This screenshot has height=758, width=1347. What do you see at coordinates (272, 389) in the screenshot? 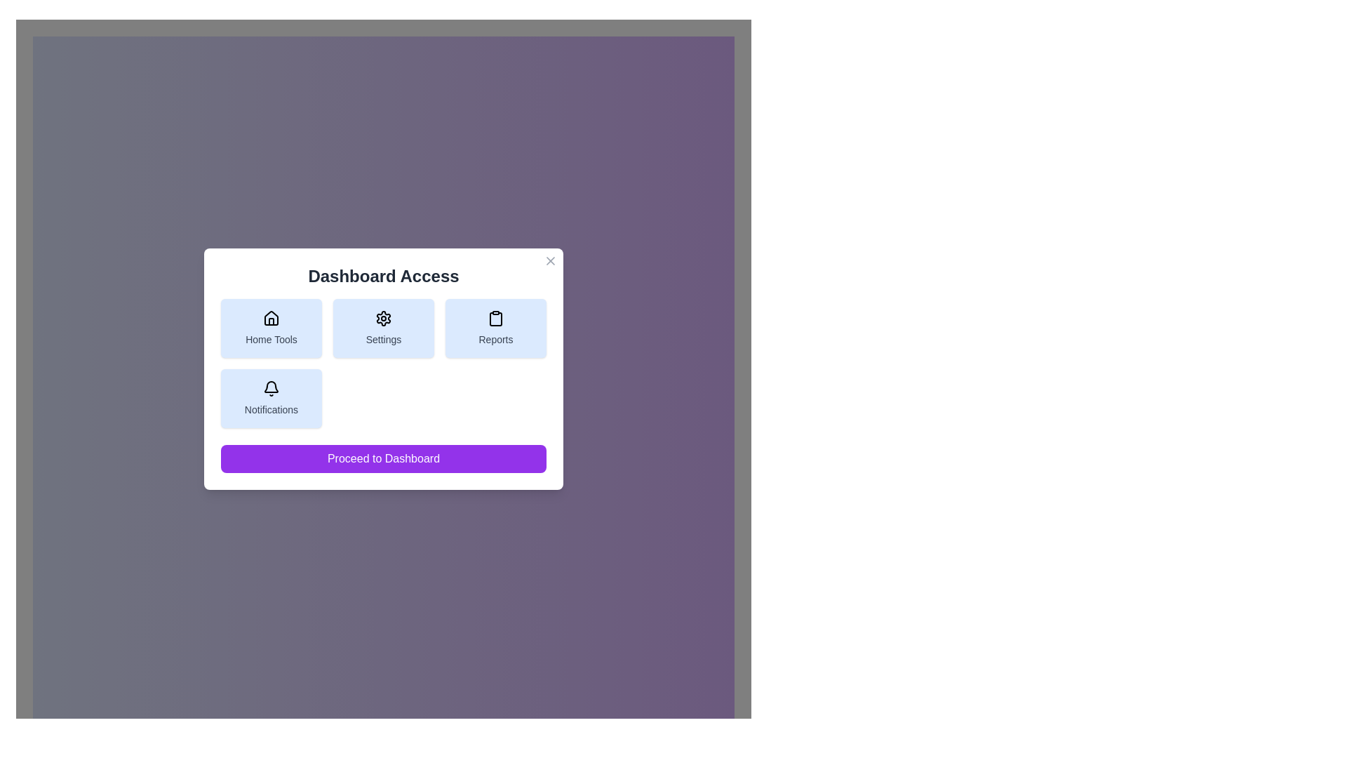
I see `the bell-shaped notification icon located in the 'Notifications' section at the bottom left of the dashboard interface` at bounding box center [272, 389].